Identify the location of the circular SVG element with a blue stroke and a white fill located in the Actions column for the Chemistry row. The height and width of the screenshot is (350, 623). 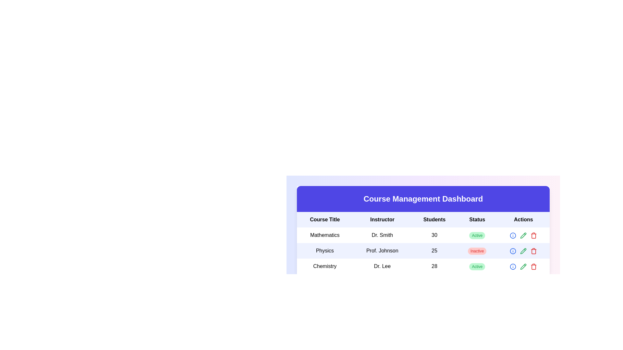
(513, 266).